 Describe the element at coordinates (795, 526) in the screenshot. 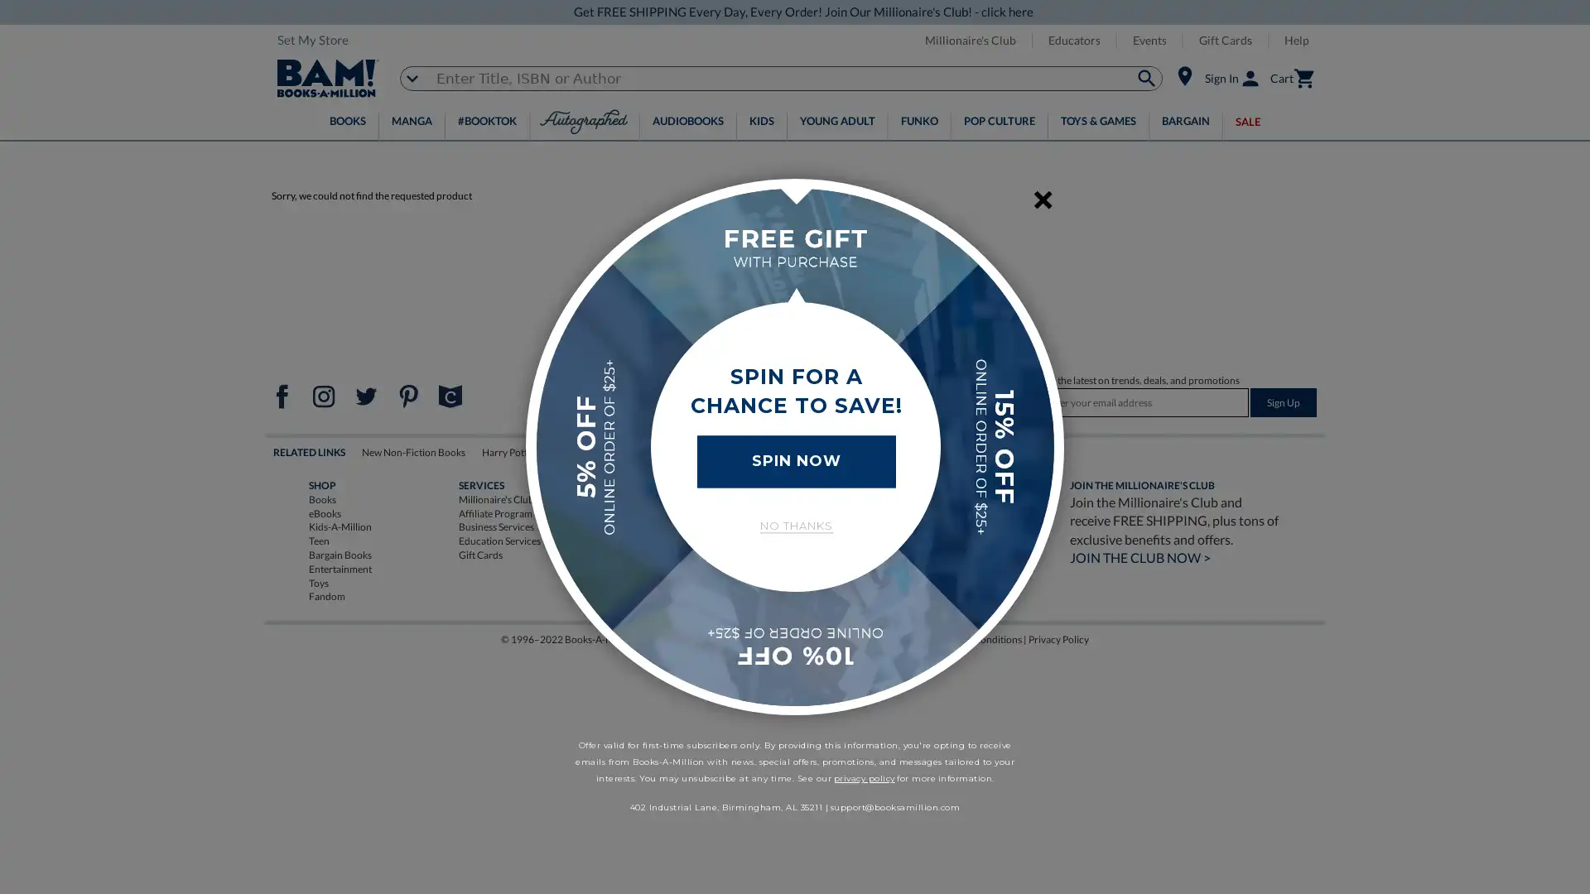

I see `No thanks` at that location.